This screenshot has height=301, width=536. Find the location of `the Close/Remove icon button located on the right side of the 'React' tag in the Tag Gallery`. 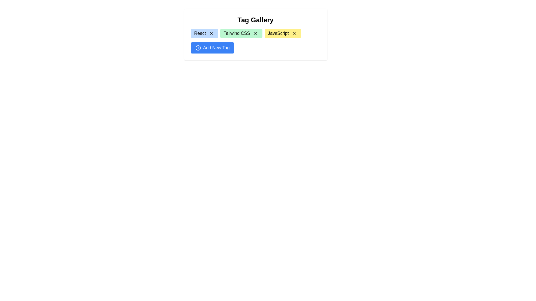

the Close/Remove icon button located on the right side of the 'React' tag in the Tag Gallery is located at coordinates (211, 33).